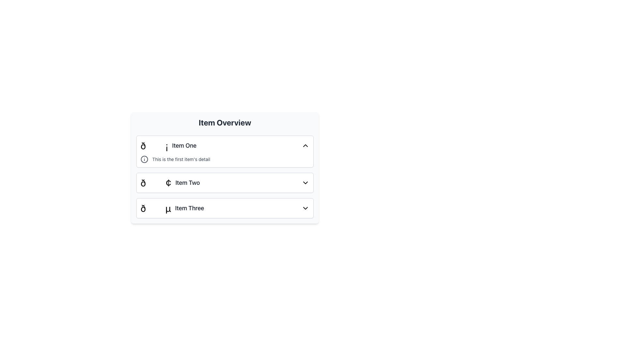  I want to click on the information icon, which is gray with a circular boundary and an 'i' shape in the center, located to the left of the text 'This is the first item's detail' in the first subsection of the list under 'Item One', so click(144, 159).